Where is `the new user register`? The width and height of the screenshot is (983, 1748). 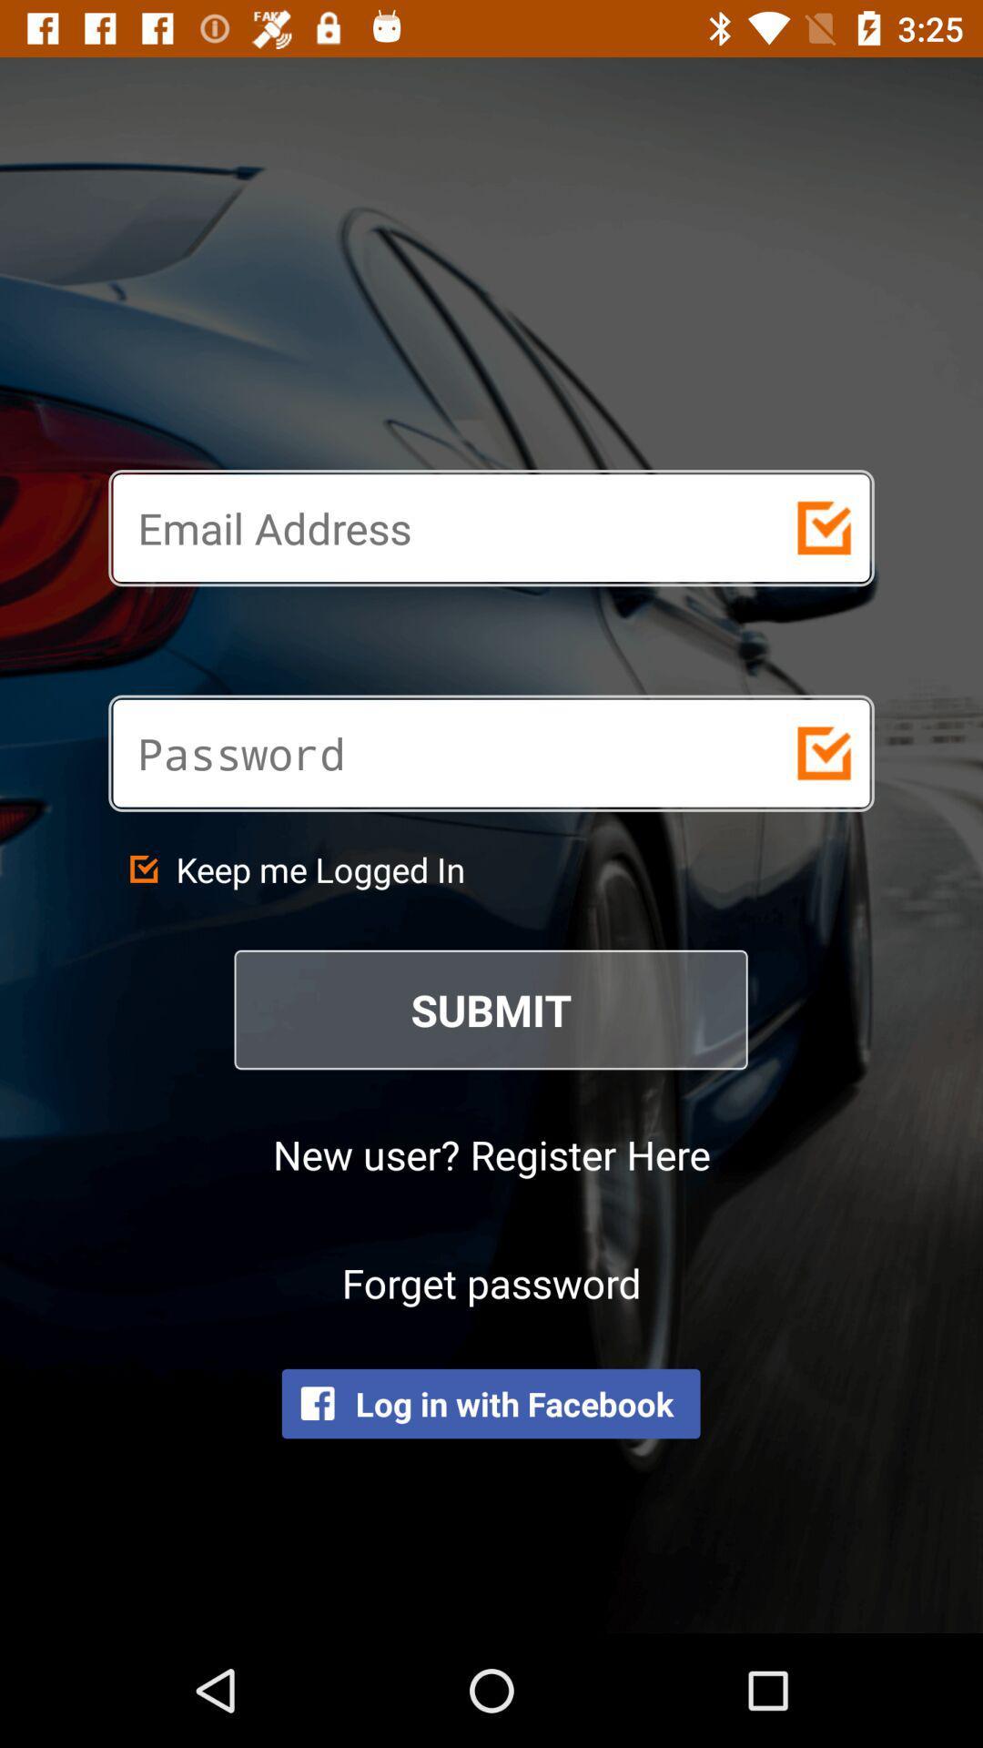
the new user register is located at coordinates (491, 1153).